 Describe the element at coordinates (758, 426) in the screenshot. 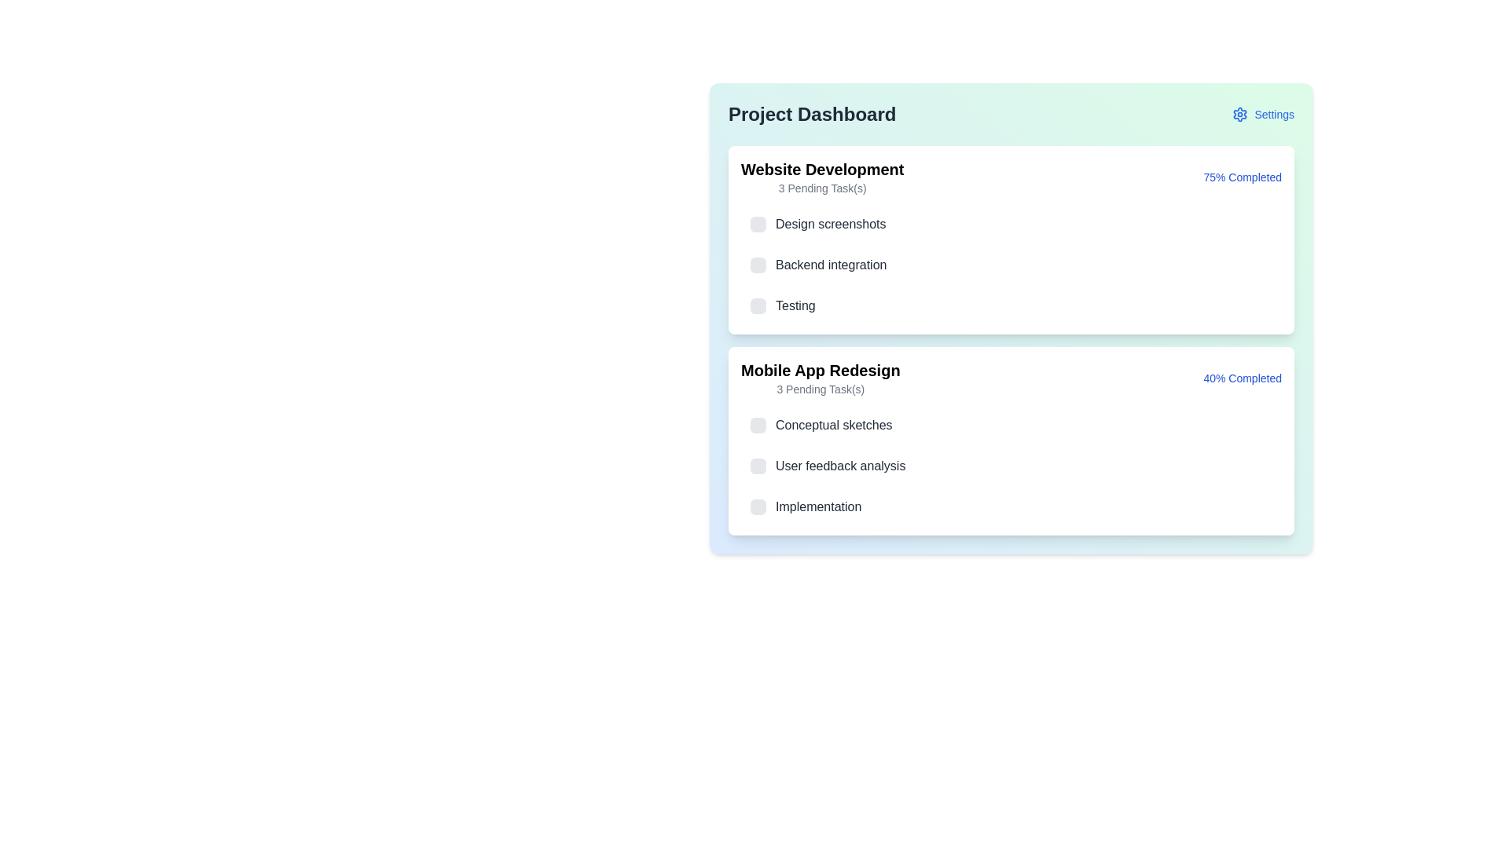

I see `the checkbox located to the left of the text 'Conceptual sketches' in the project task card for 'Mobile App Redesign'` at that location.